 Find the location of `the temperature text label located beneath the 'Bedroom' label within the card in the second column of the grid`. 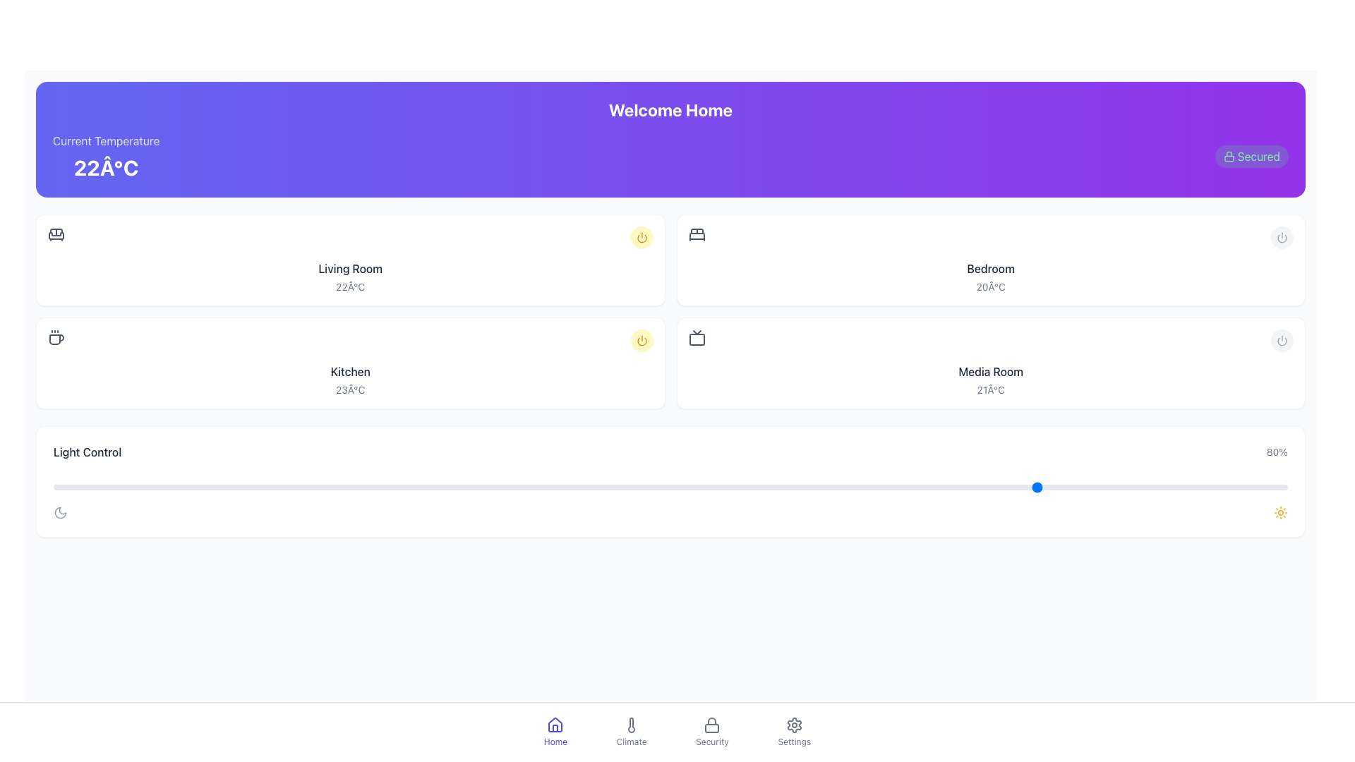

the temperature text label located beneath the 'Bedroom' label within the card in the second column of the grid is located at coordinates (990, 286).